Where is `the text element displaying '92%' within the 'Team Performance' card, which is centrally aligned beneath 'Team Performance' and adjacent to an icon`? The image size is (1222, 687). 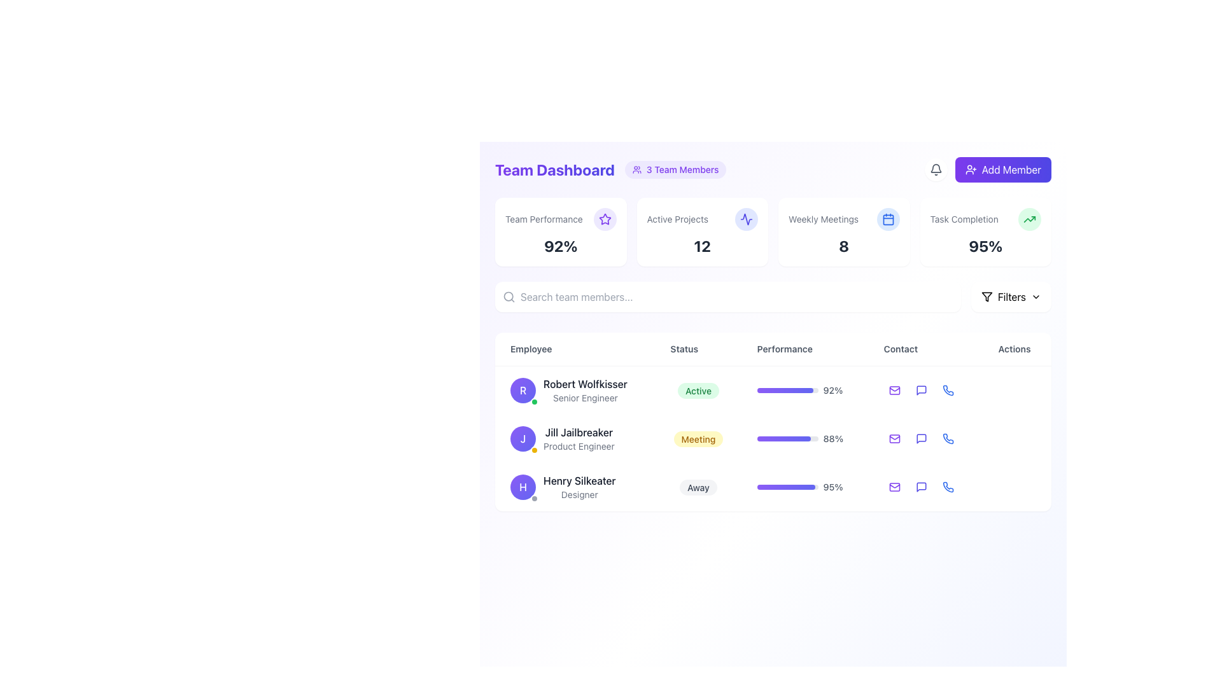 the text element displaying '92%' within the 'Team Performance' card, which is centrally aligned beneath 'Team Performance' and adjacent to an icon is located at coordinates (560, 246).